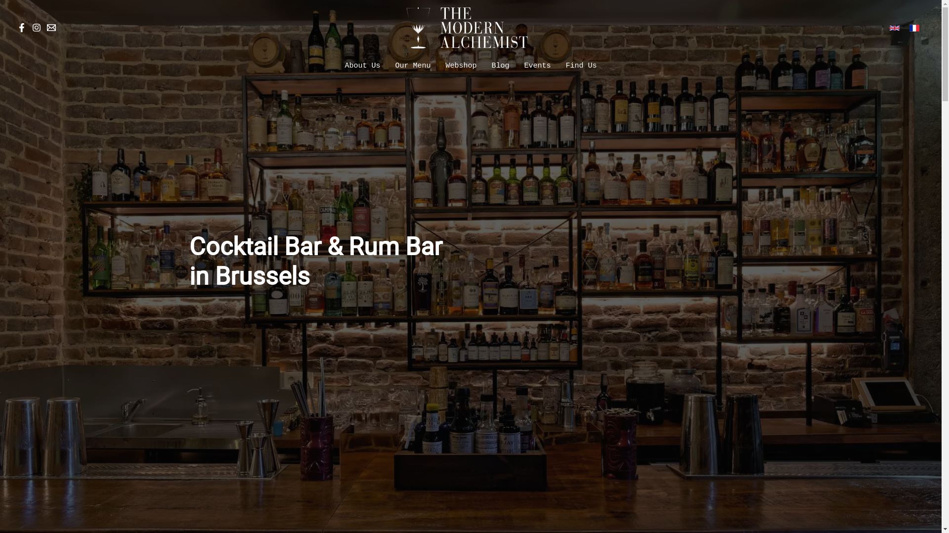 The width and height of the screenshot is (949, 533). I want to click on 'About Us', so click(362, 66).